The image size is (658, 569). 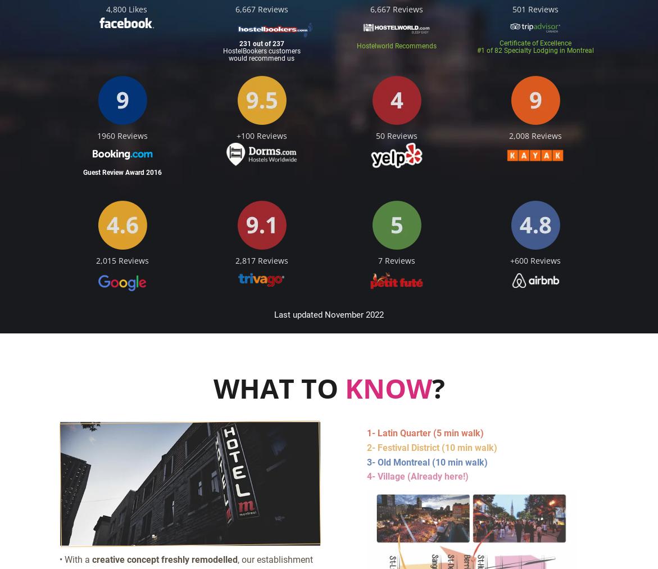 What do you see at coordinates (431, 446) in the screenshot?
I see `'2- Festival District (10 min walk)'` at bounding box center [431, 446].